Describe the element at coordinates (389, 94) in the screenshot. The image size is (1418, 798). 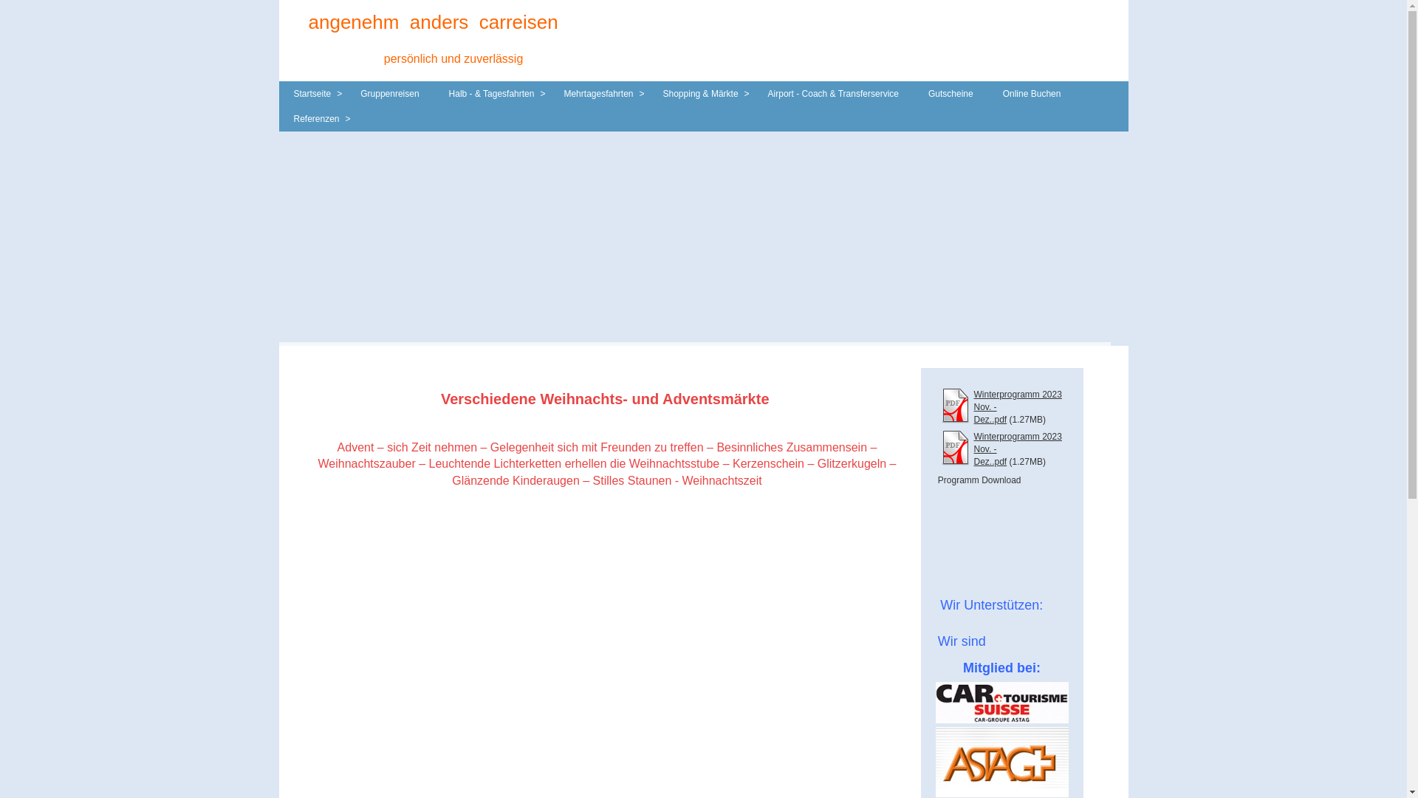
I see `'Gruppenreisen'` at that location.